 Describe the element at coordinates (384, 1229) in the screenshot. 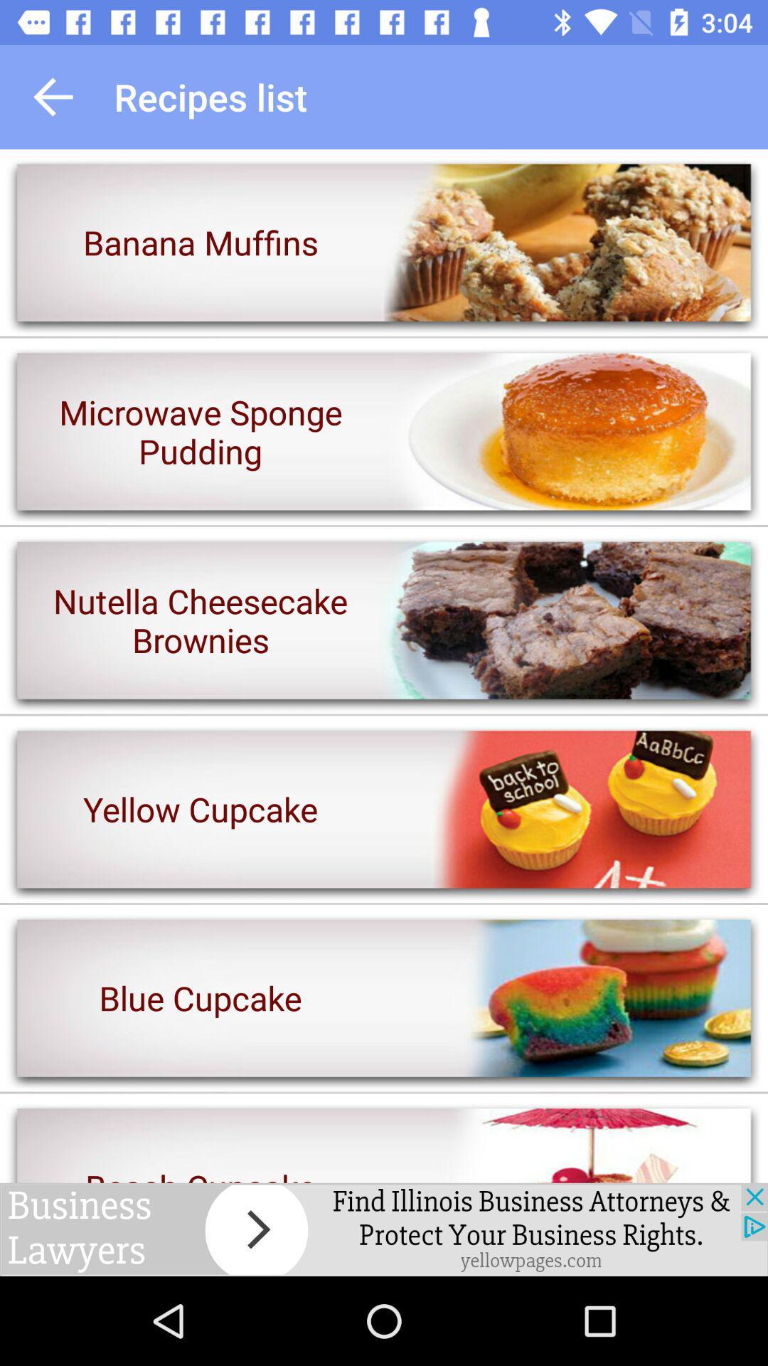

I see `advertisement` at that location.